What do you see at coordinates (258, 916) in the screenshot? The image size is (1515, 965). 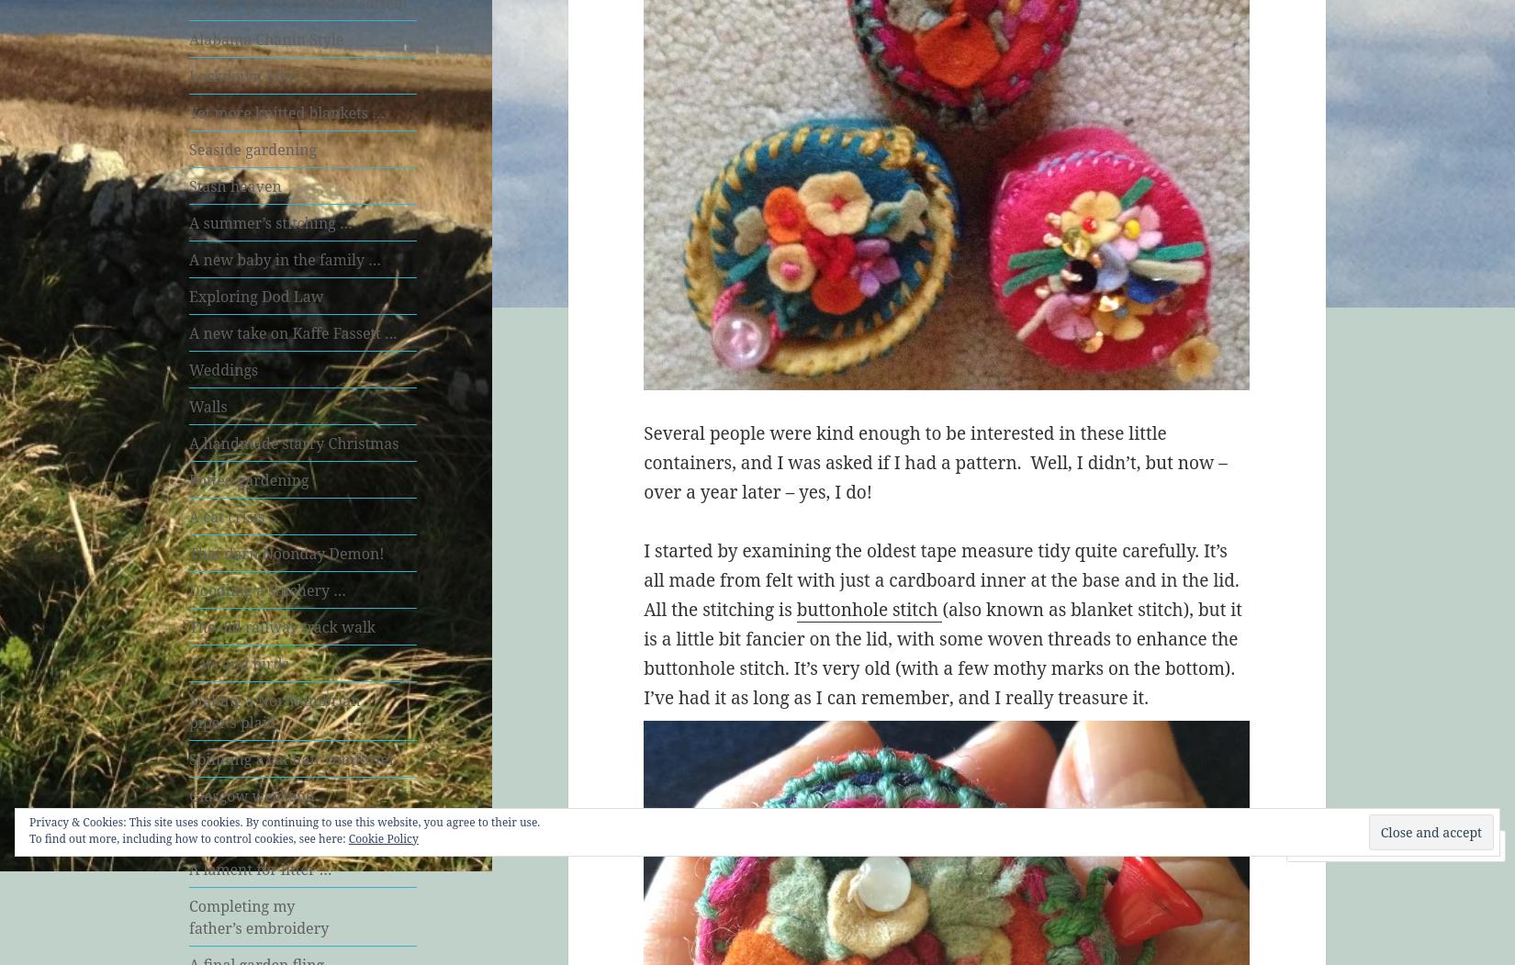 I see `'Completing my father’s embroidery'` at bounding box center [258, 916].